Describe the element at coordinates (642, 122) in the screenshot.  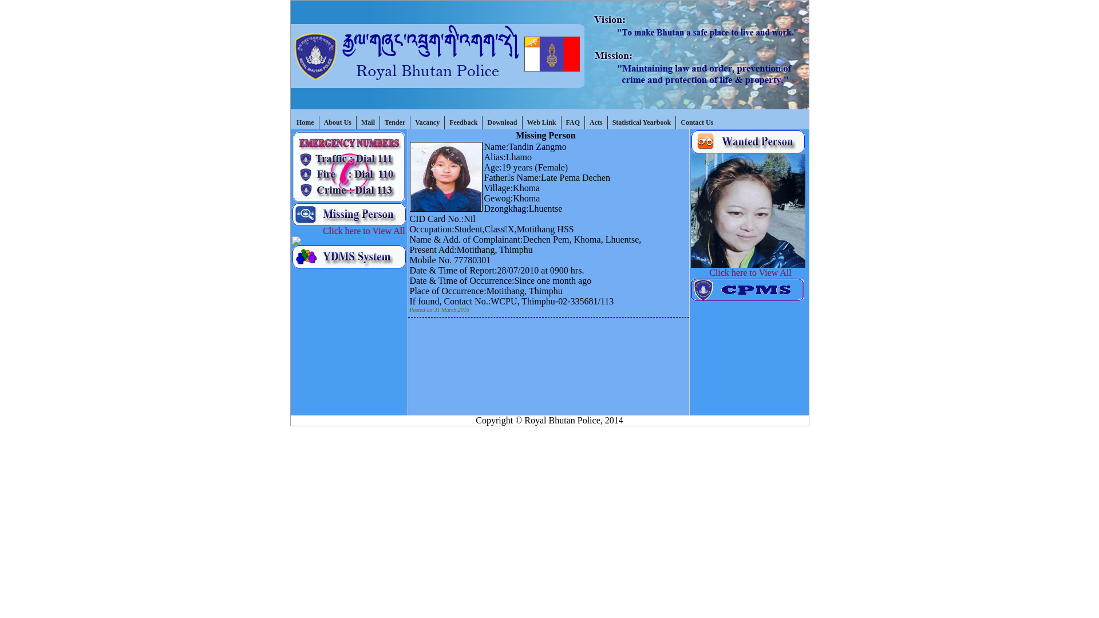
I see `'Statistical Yearbook'` at that location.